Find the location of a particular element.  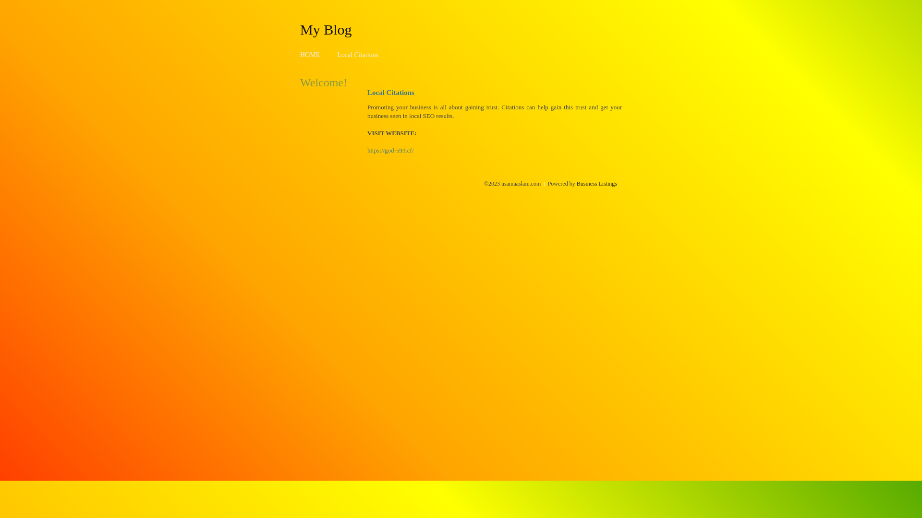

'HOME' is located at coordinates (310, 55).